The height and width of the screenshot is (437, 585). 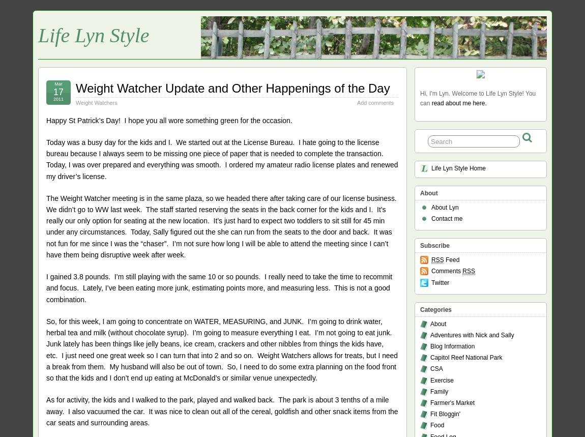 I want to click on 'Life Lyn Style', so click(x=37, y=35).